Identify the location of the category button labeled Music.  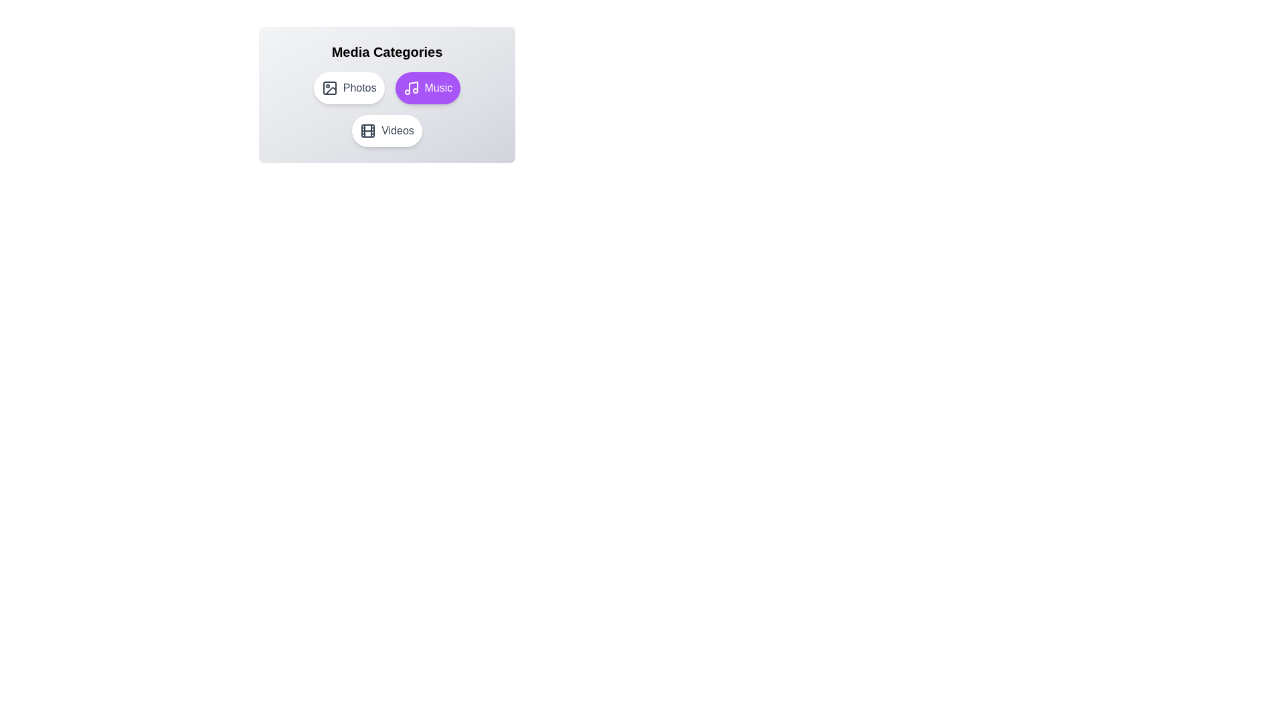
(427, 88).